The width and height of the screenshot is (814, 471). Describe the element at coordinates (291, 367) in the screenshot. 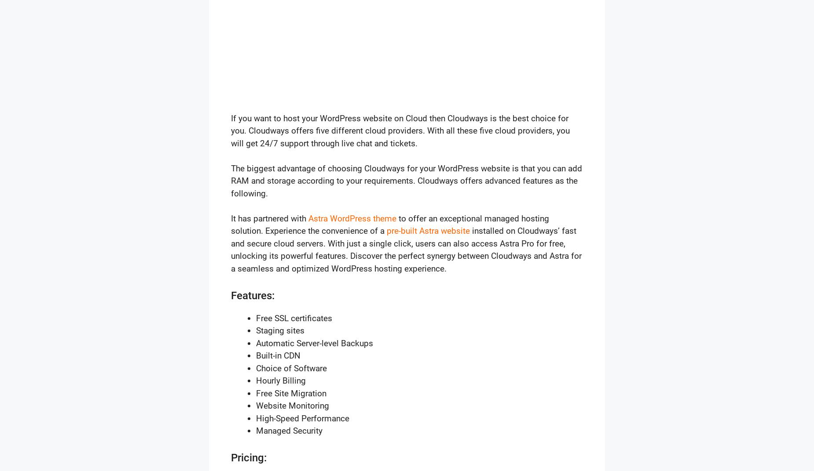

I see `'Choice of Software'` at that location.